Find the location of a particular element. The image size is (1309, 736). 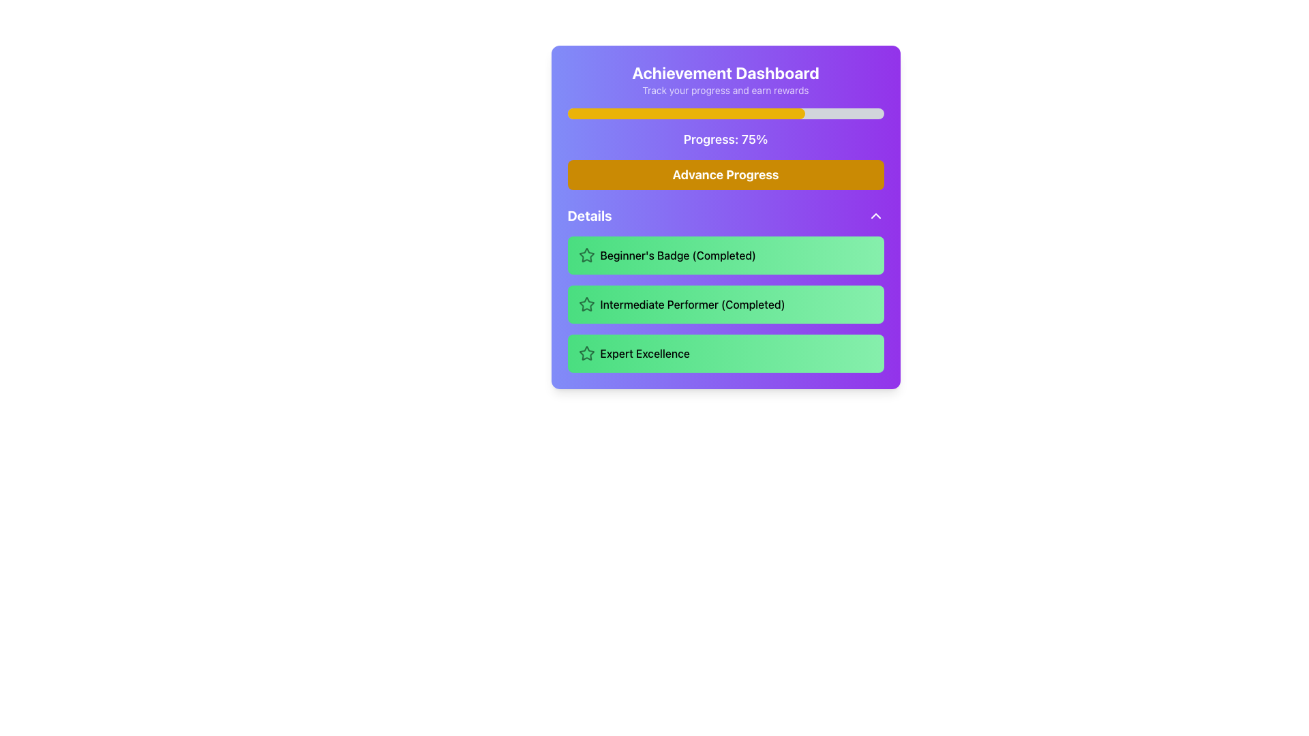

the upward-facing chevron icon on the right side of the 'Details' section title bar is located at coordinates (875, 215).